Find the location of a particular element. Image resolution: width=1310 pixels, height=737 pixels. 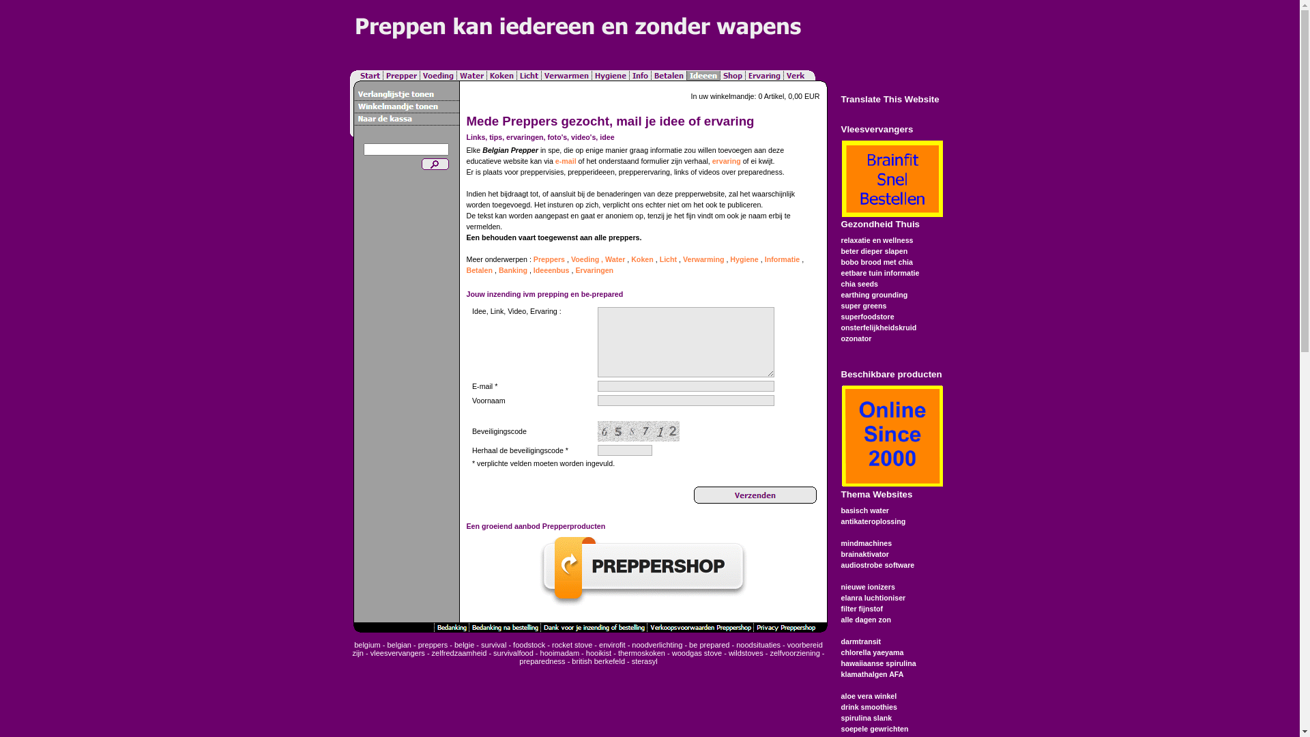

'beter dieper slapen' is located at coordinates (874, 250).